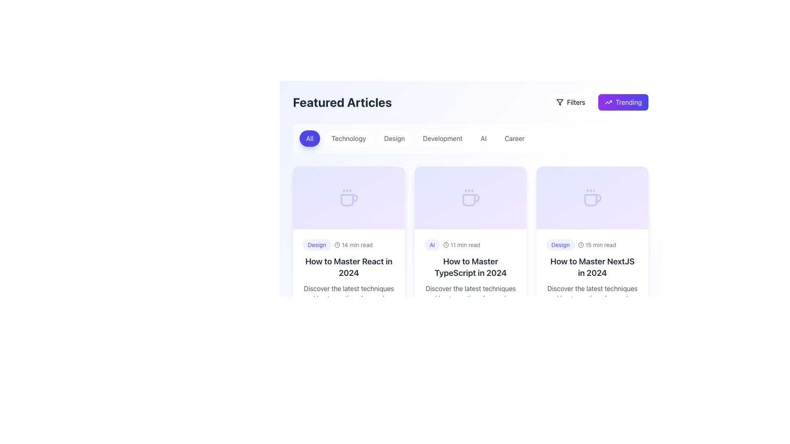 The image size is (790, 444). I want to click on the circular outline of the clock icon located in the header section of the article card, so click(445, 245).